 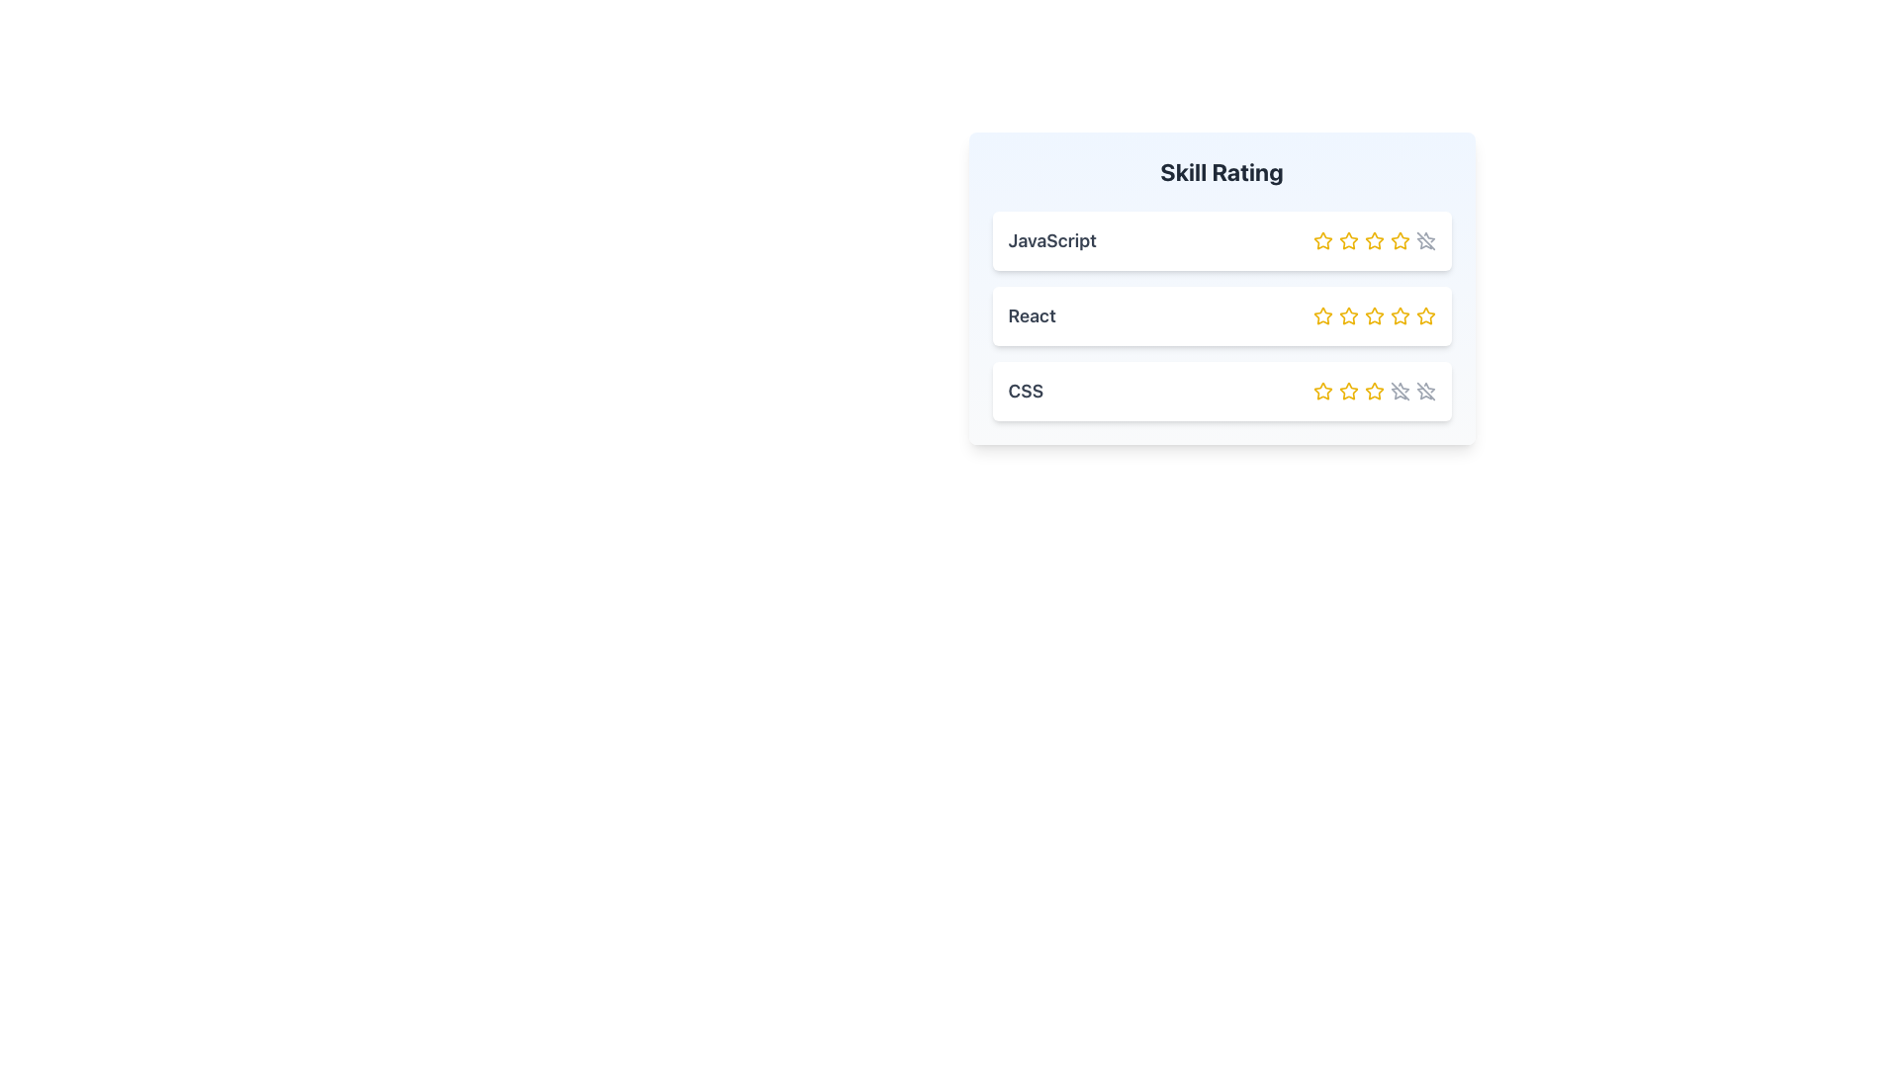 I want to click on the second star icon button in the JavaScript skill rating row for keyboard interaction, so click(x=1347, y=239).